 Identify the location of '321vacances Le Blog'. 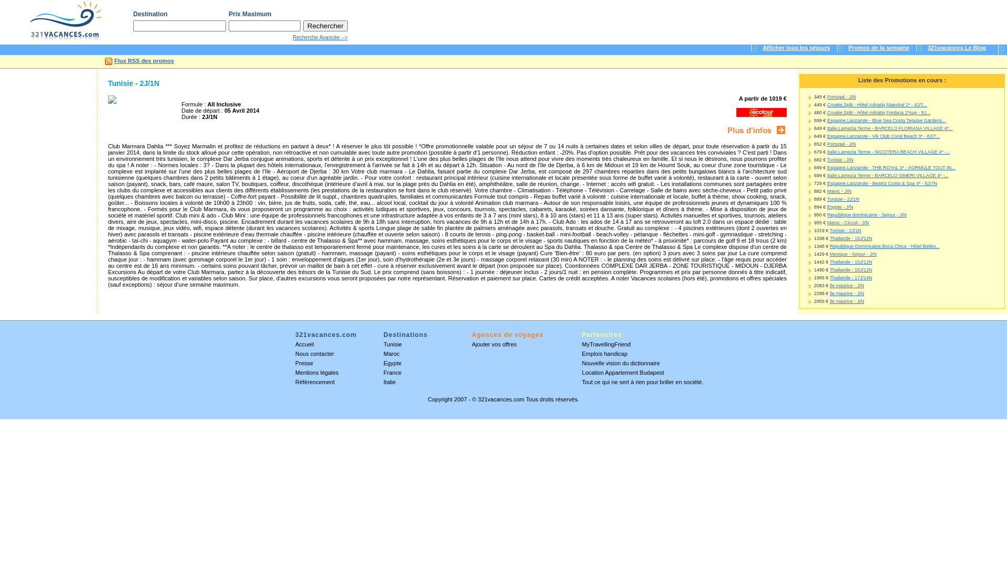
(957, 48).